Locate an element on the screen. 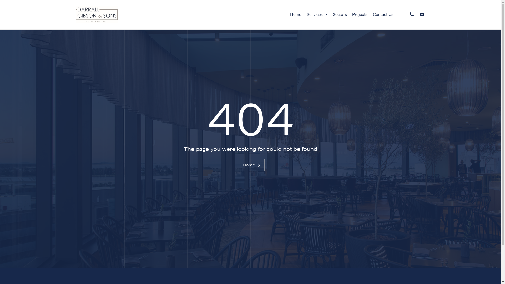  'Projects' is located at coordinates (360, 14).